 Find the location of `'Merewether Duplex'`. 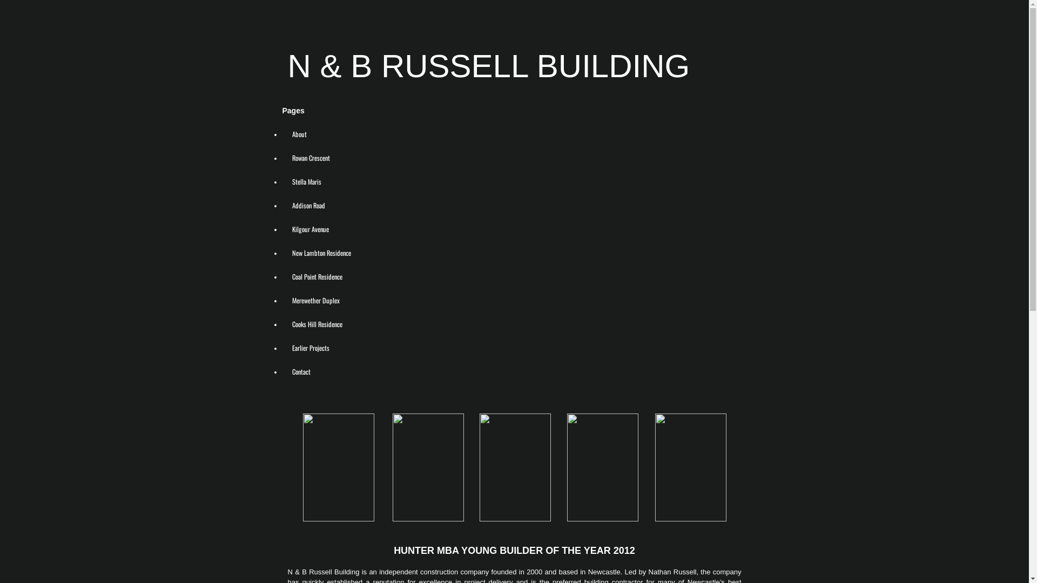

'Merewether Duplex' is located at coordinates (315, 300).